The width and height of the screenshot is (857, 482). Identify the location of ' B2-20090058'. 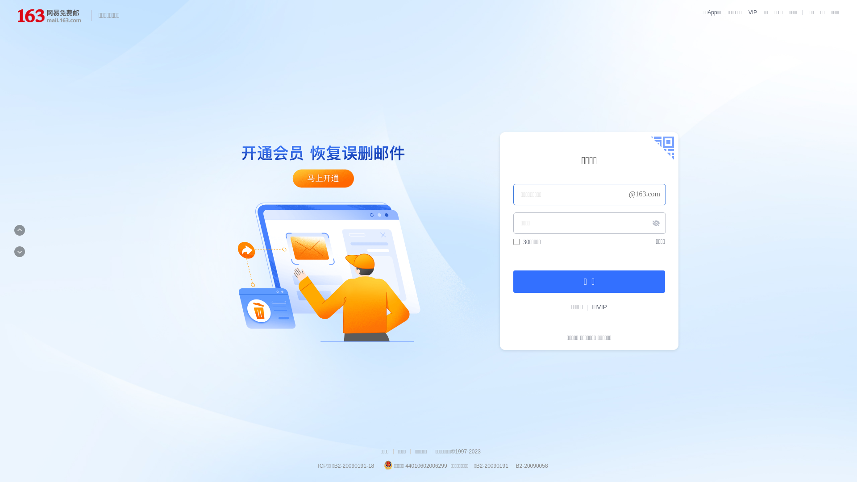
(531, 465).